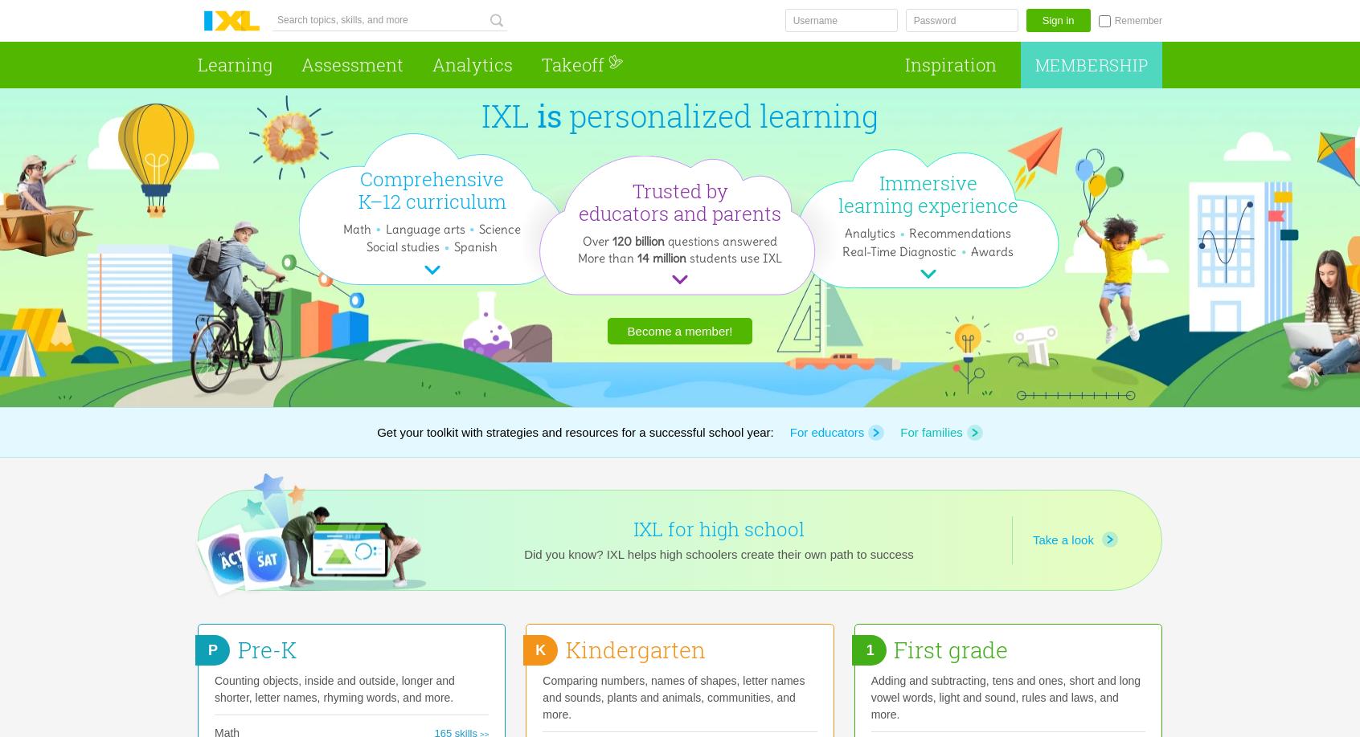  I want to click on 'Inspiration', so click(950, 63).